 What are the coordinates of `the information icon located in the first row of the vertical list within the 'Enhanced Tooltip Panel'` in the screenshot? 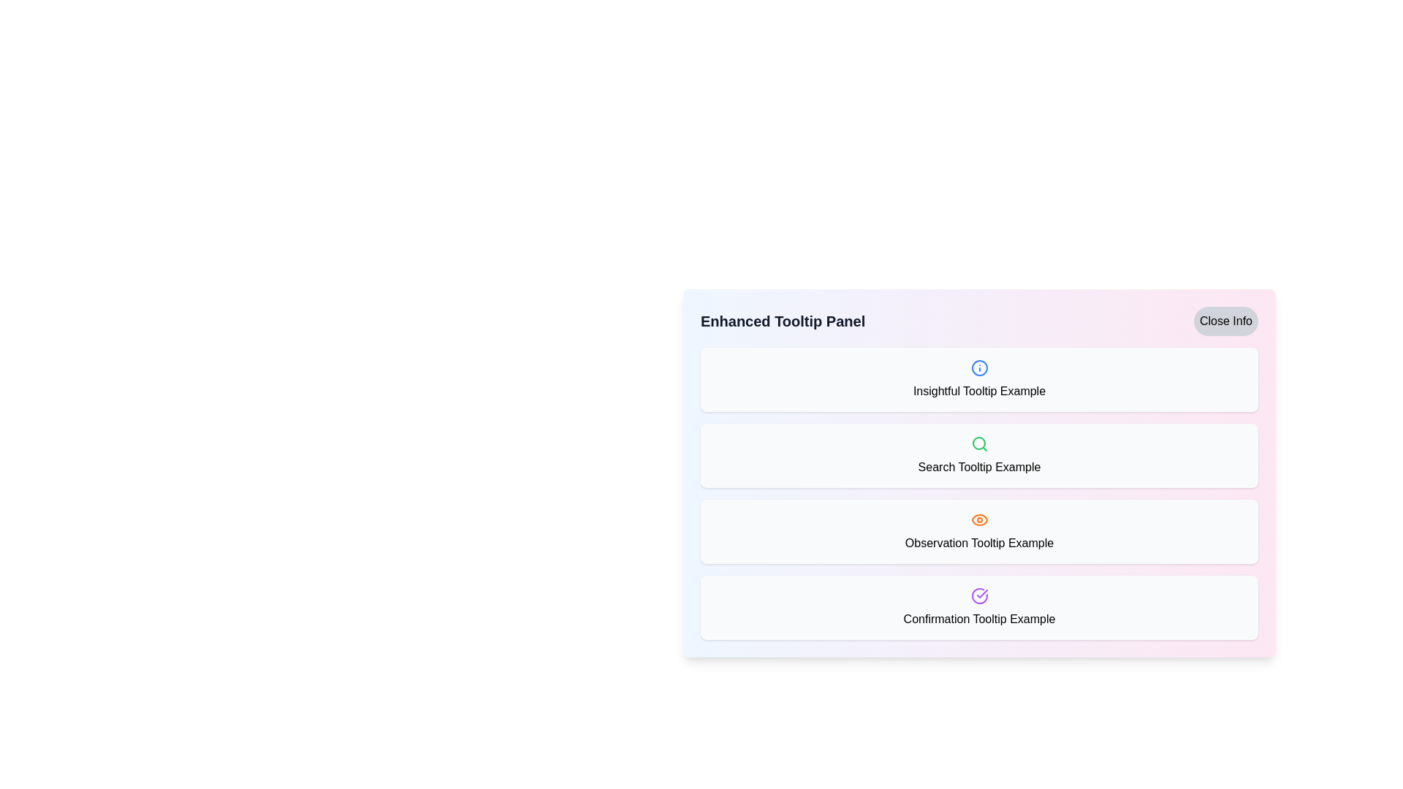 It's located at (979, 367).